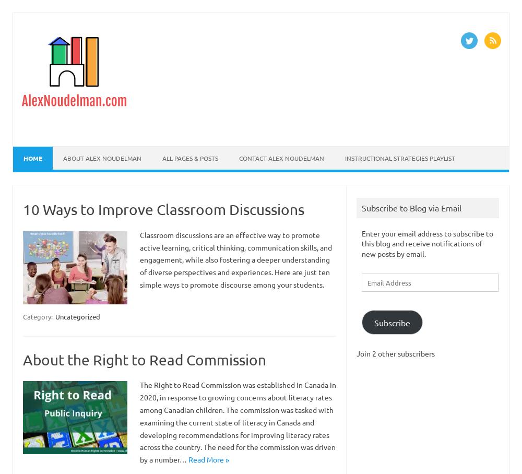  What do you see at coordinates (145, 359) in the screenshot?
I see `'About the Right to Read Commission'` at bounding box center [145, 359].